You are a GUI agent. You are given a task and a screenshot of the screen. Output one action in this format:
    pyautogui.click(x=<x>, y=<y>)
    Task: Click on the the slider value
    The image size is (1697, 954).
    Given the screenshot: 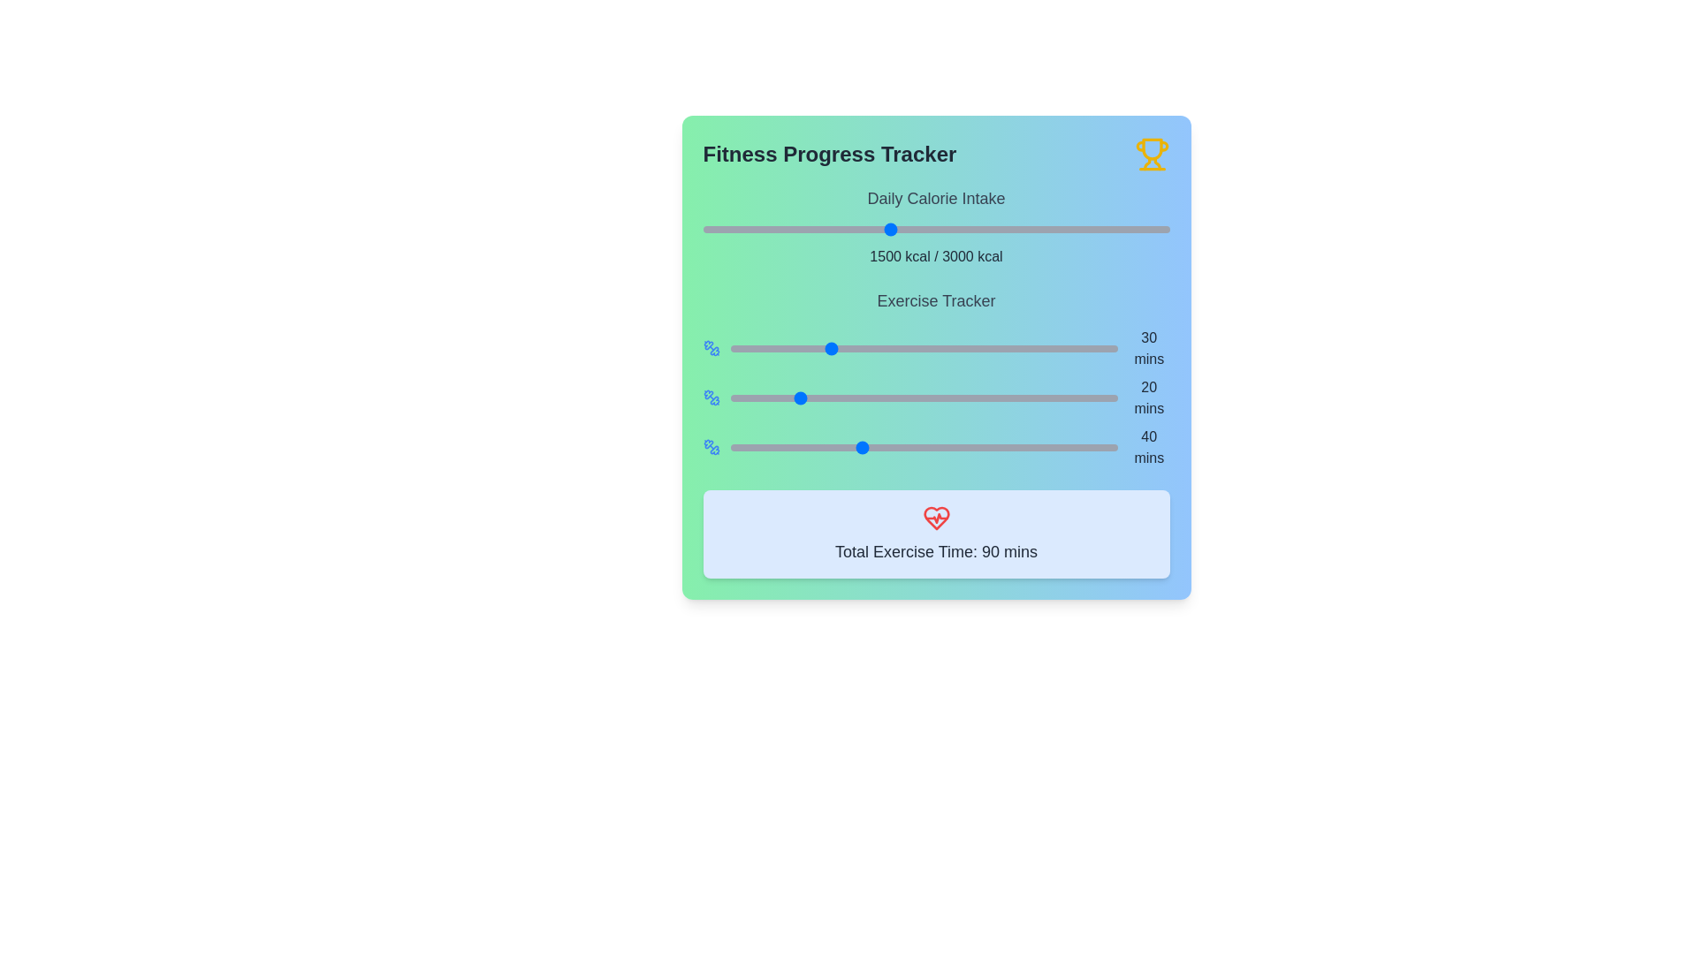 What is the action you would take?
    pyautogui.click(x=971, y=348)
    